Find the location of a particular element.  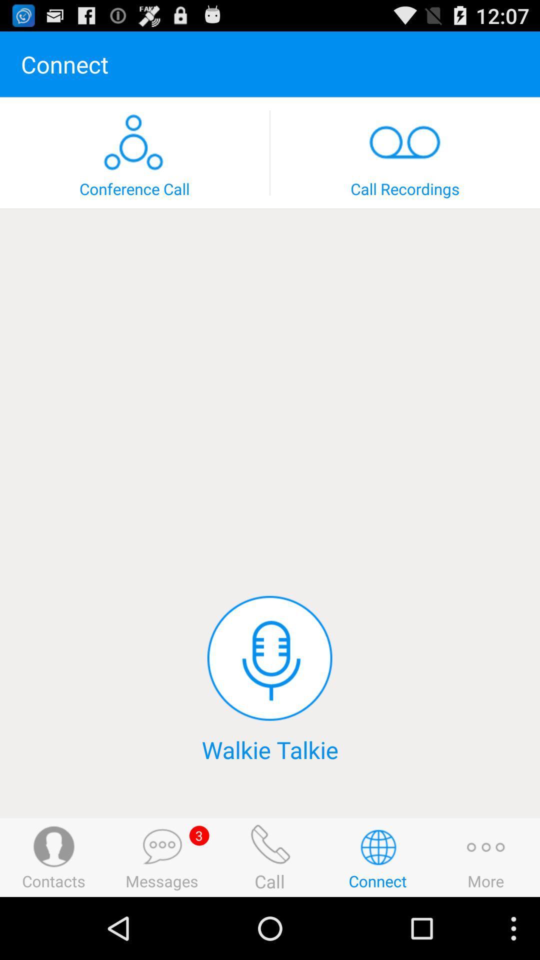

switch mic on is located at coordinates (269, 658).